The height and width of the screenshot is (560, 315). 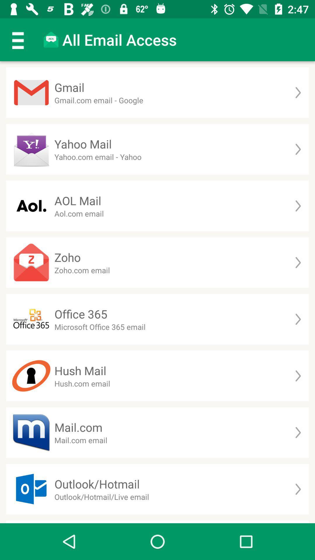 I want to click on the app below microsoft office 365, so click(x=80, y=370).